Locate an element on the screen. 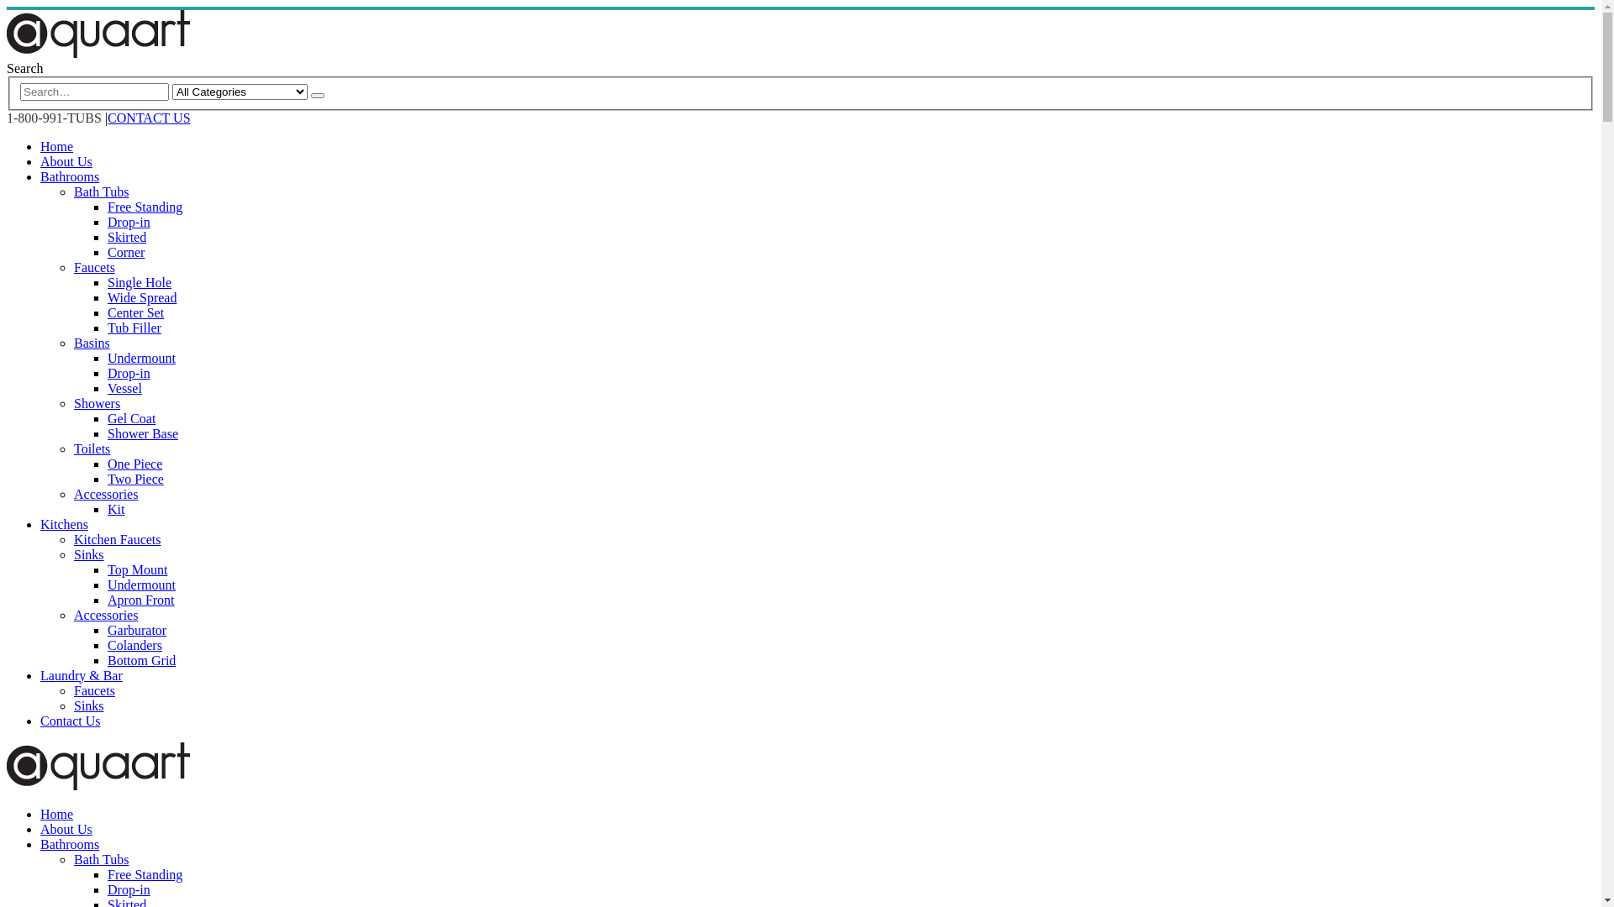  'Faucets' is located at coordinates (93, 266).